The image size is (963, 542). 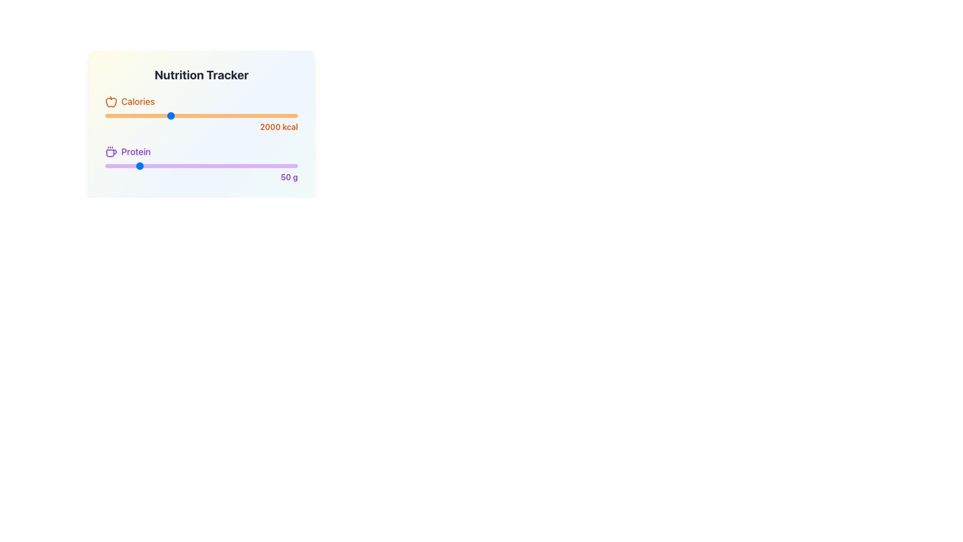 What do you see at coordinates (135, 152) in the screenshot?
I see `the text label indicating the protein intake tracker, which is located to the right of the coffee cup icon in the 'Protein' row of the nutrition tracker` at bounding box center [135, 152].